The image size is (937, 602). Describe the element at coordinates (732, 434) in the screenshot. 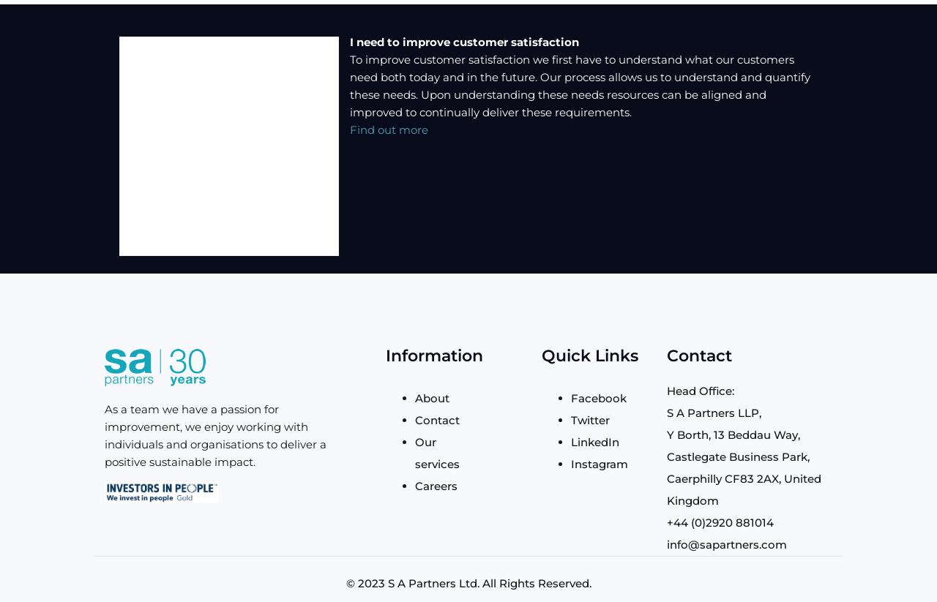

I see `'Y Borth, 13 Beddau Way,'` at that location.